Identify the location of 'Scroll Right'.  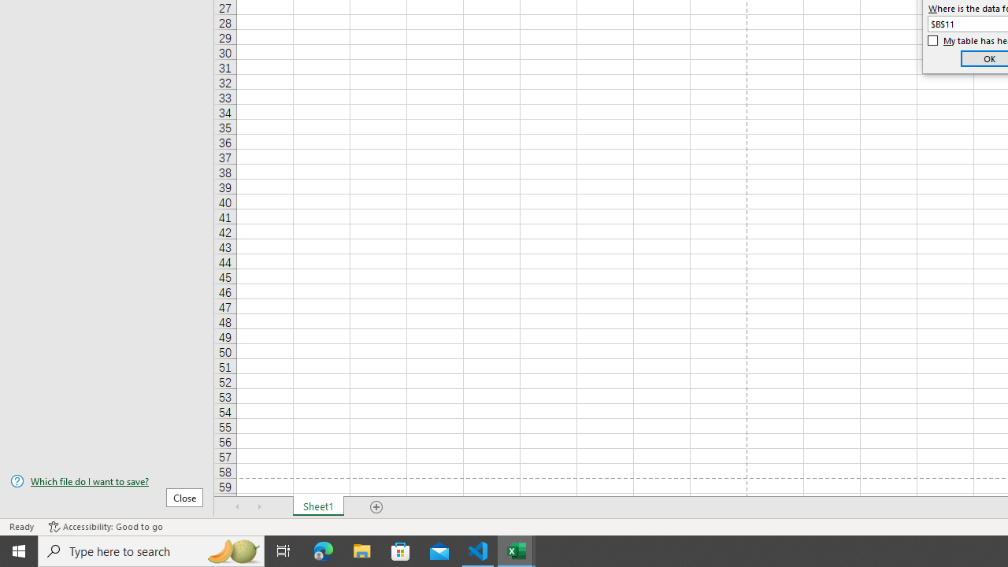
(260, 507).